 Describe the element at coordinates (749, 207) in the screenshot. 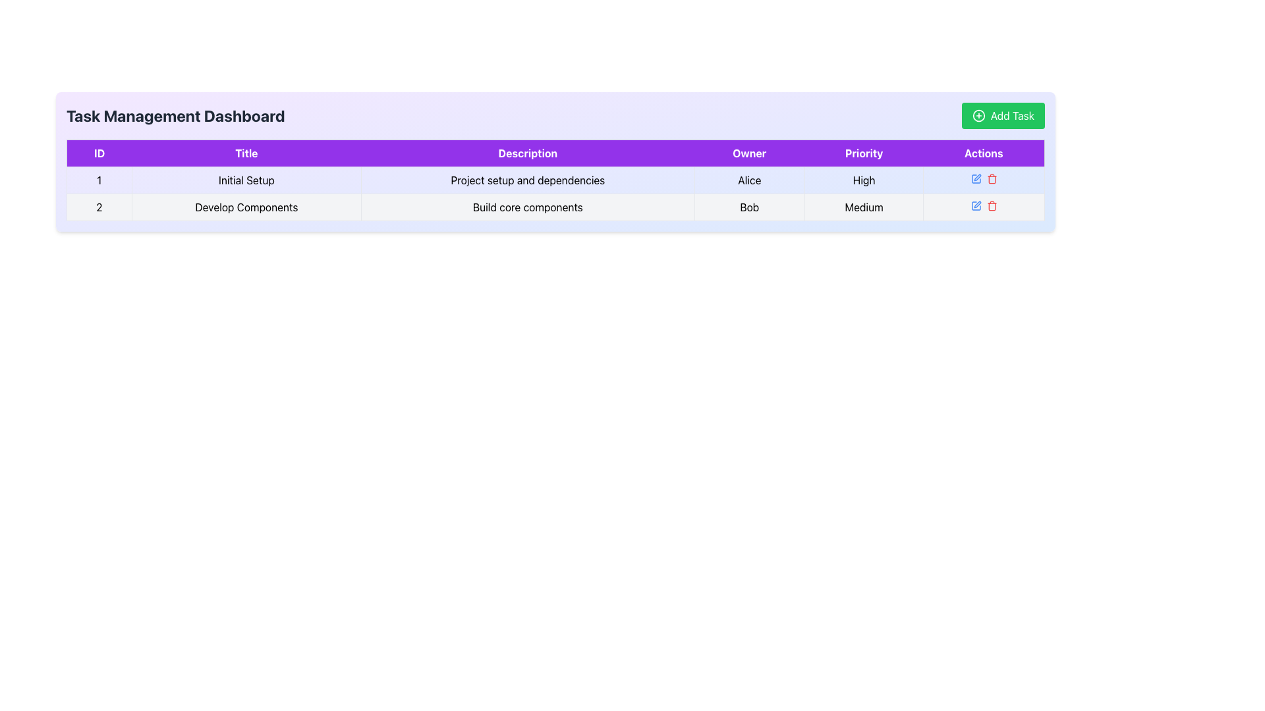

I see `the text cell displaying 'Bob'` at that location.